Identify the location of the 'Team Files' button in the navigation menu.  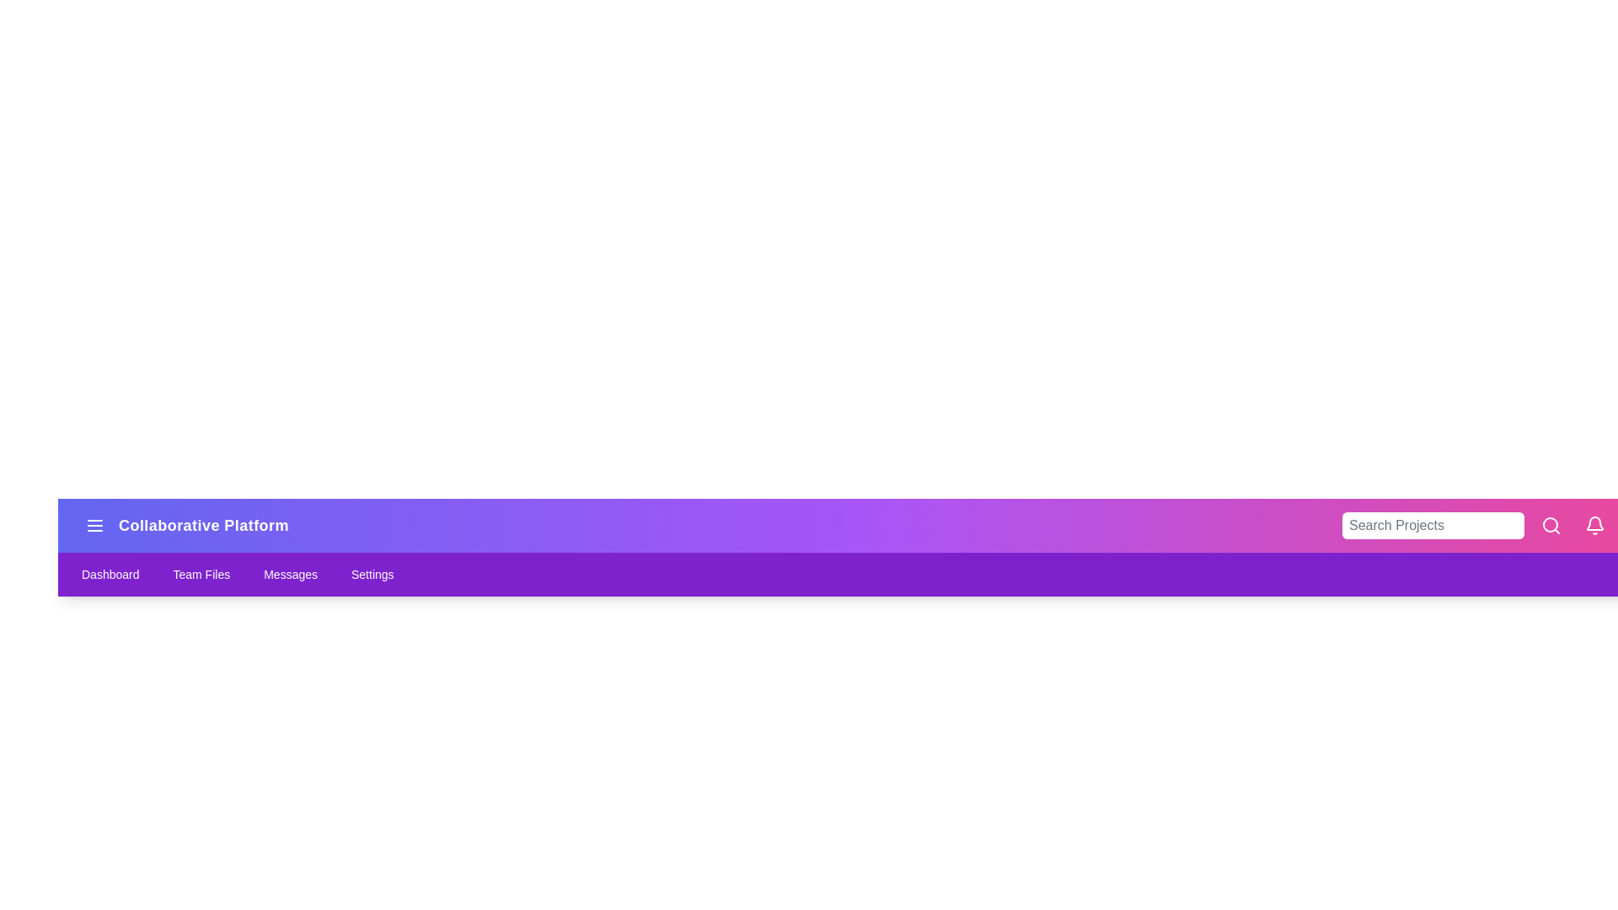
(201, 574).